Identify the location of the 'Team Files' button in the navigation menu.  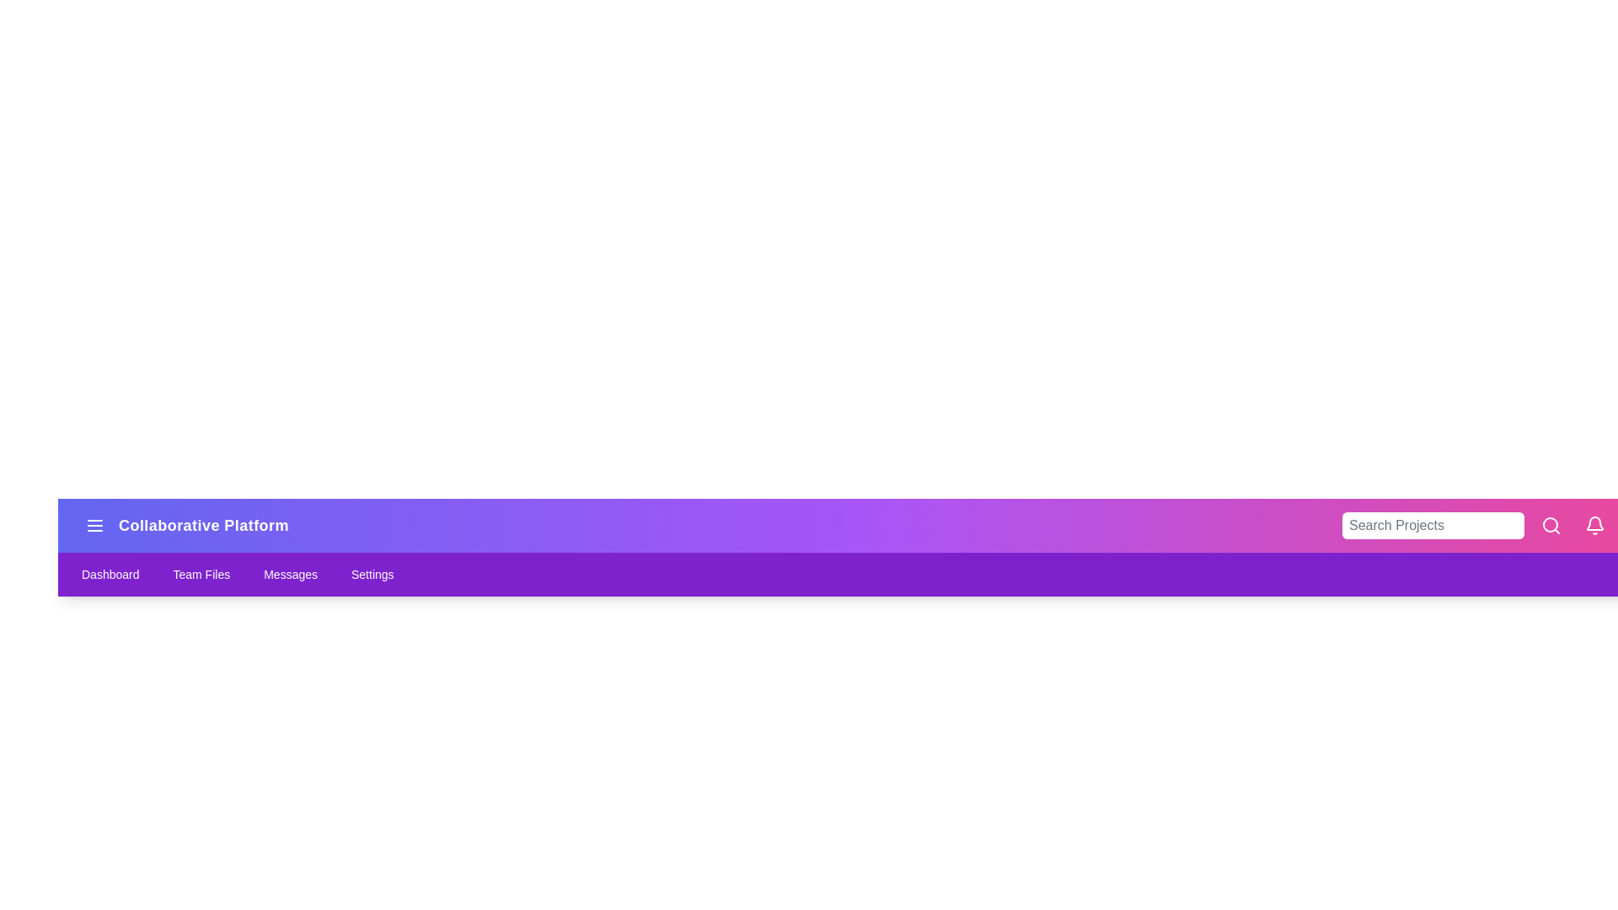
(201, 574).